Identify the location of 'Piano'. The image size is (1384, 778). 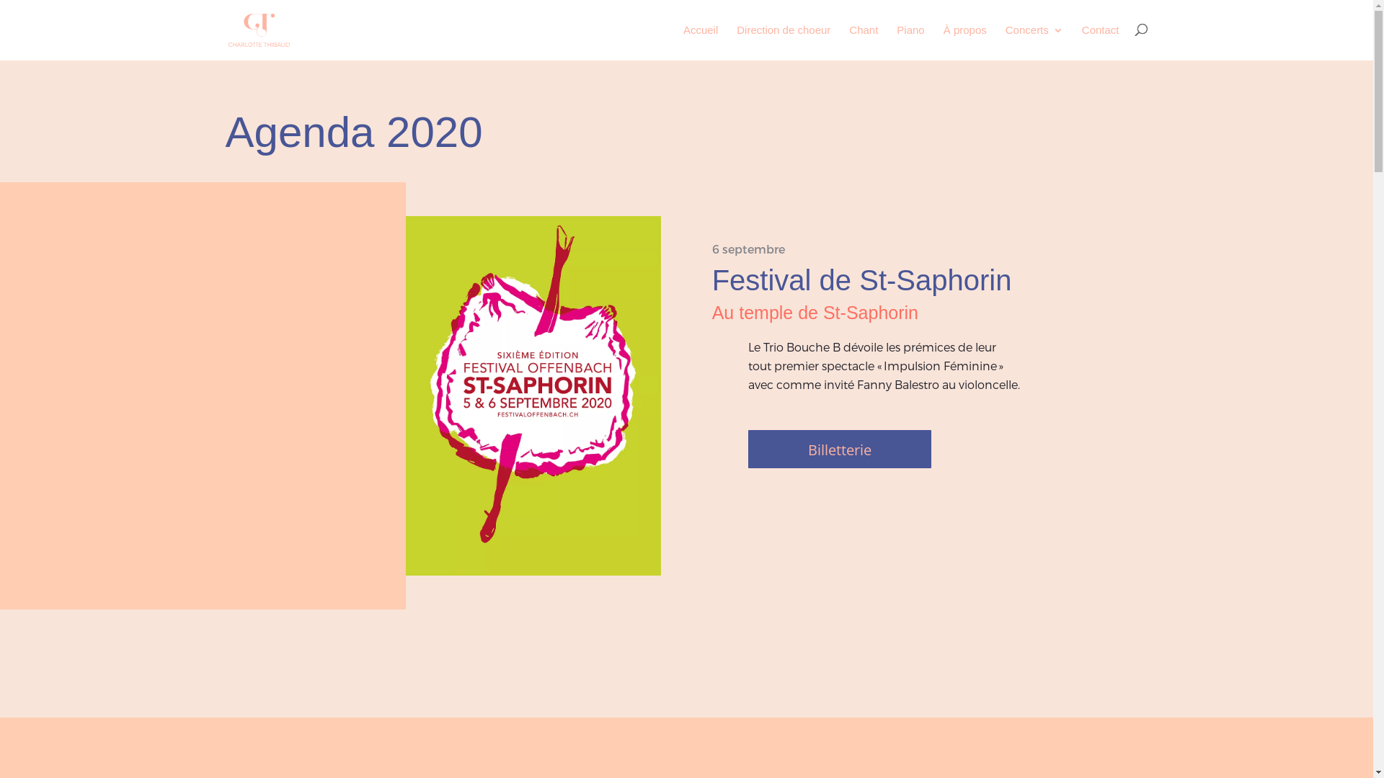
(909, 41).